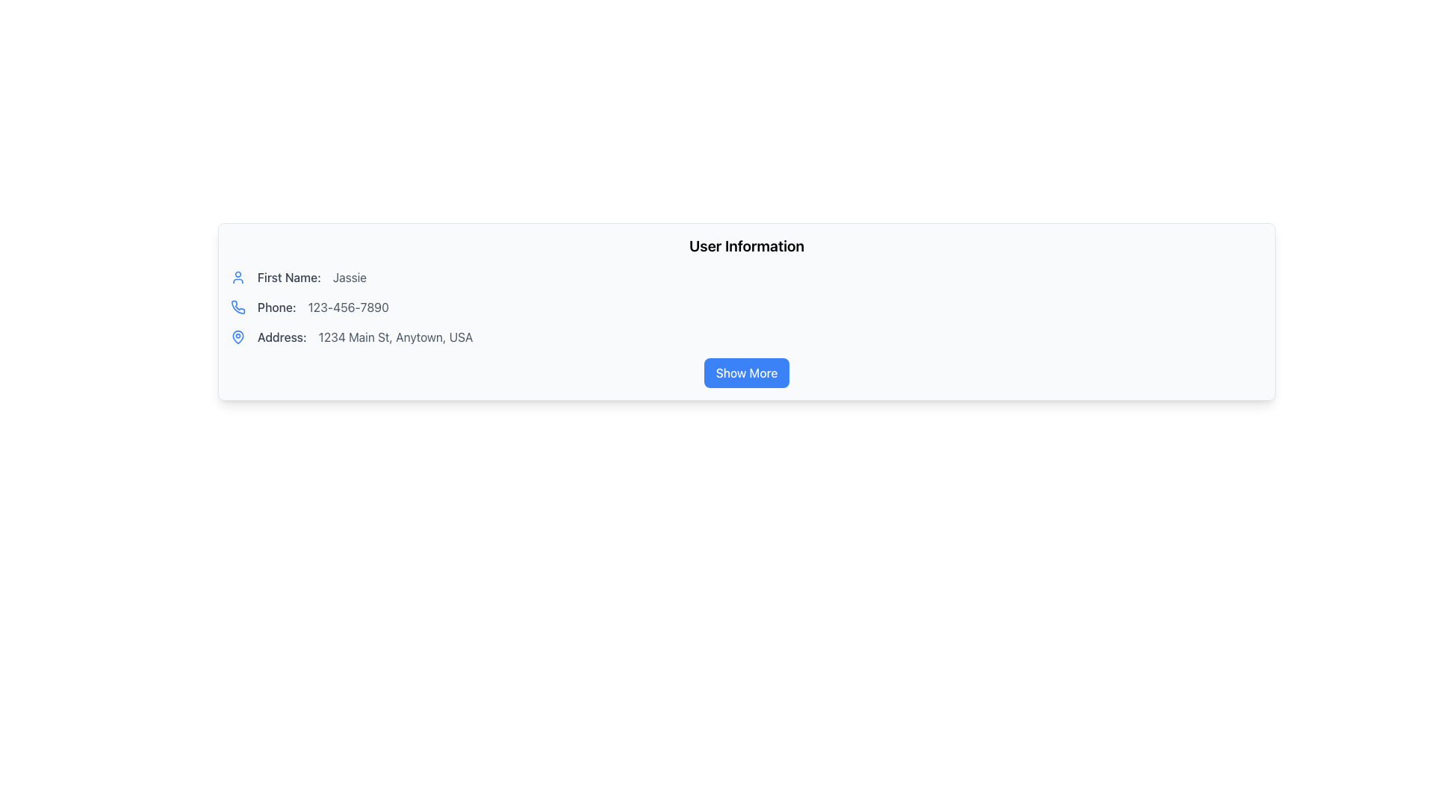 The width and height of the screenshot is (1434, 806). Describe the element at coordinates (746, 372) in the screenshot. I see `the button located in the lower portion of the 'User Information' section` at that location.